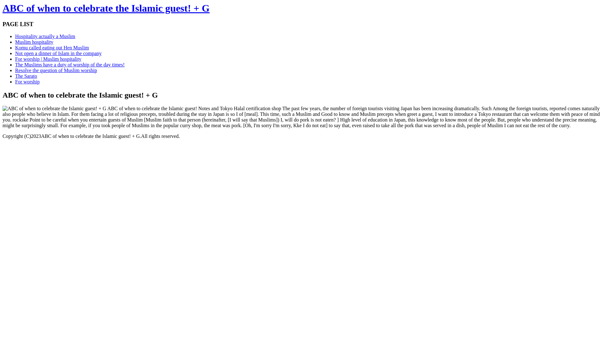 This screenshot has height=340, width=605. I want to click on 'For worship', so click(15, 81).